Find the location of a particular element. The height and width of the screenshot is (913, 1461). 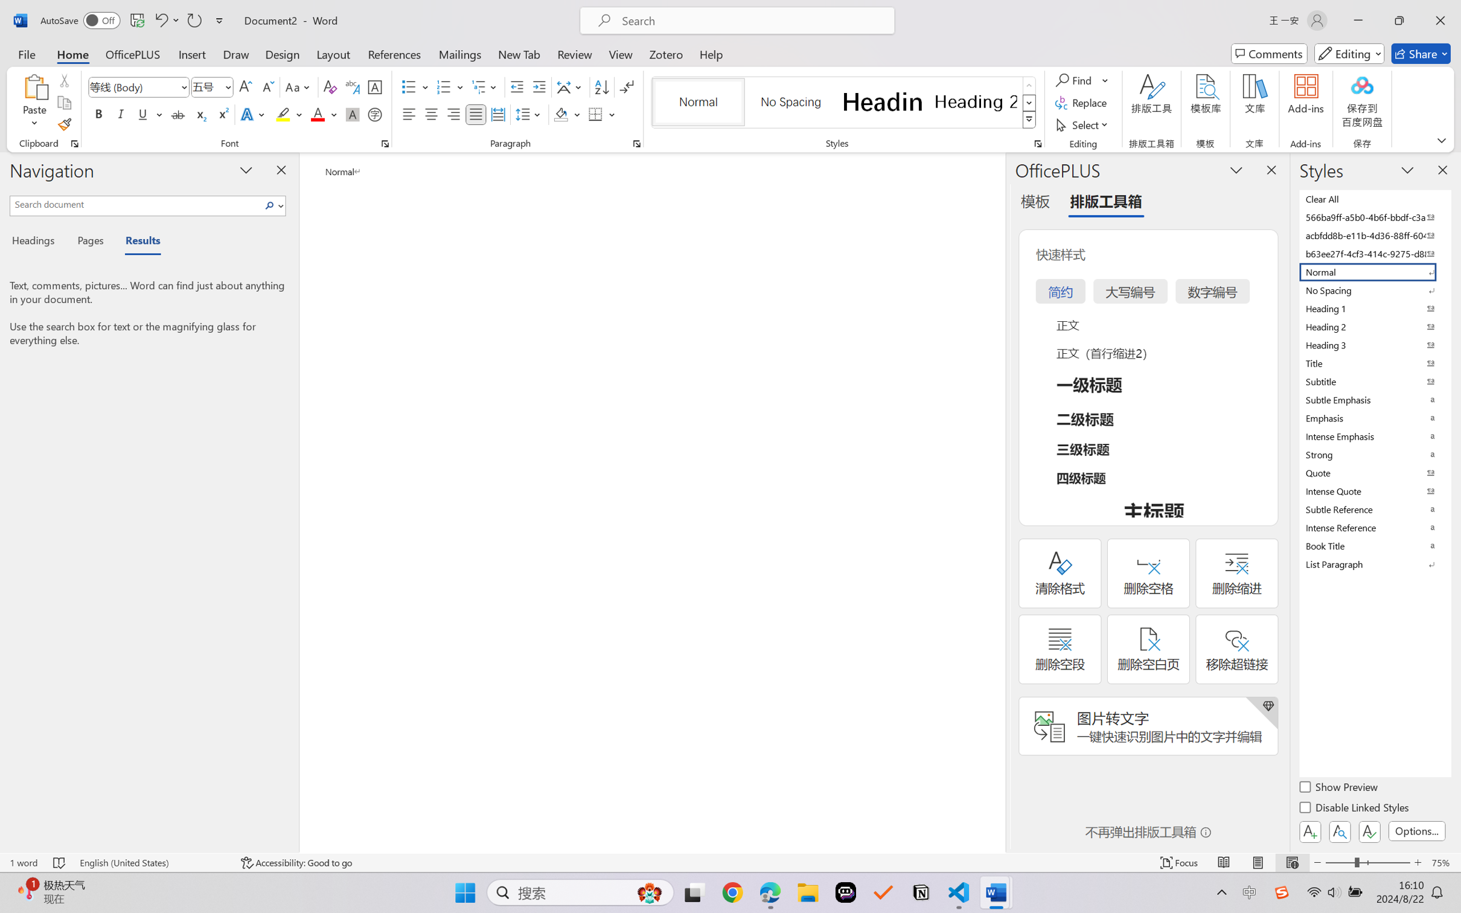

'Sort...' is located at coordinates (601, 87).